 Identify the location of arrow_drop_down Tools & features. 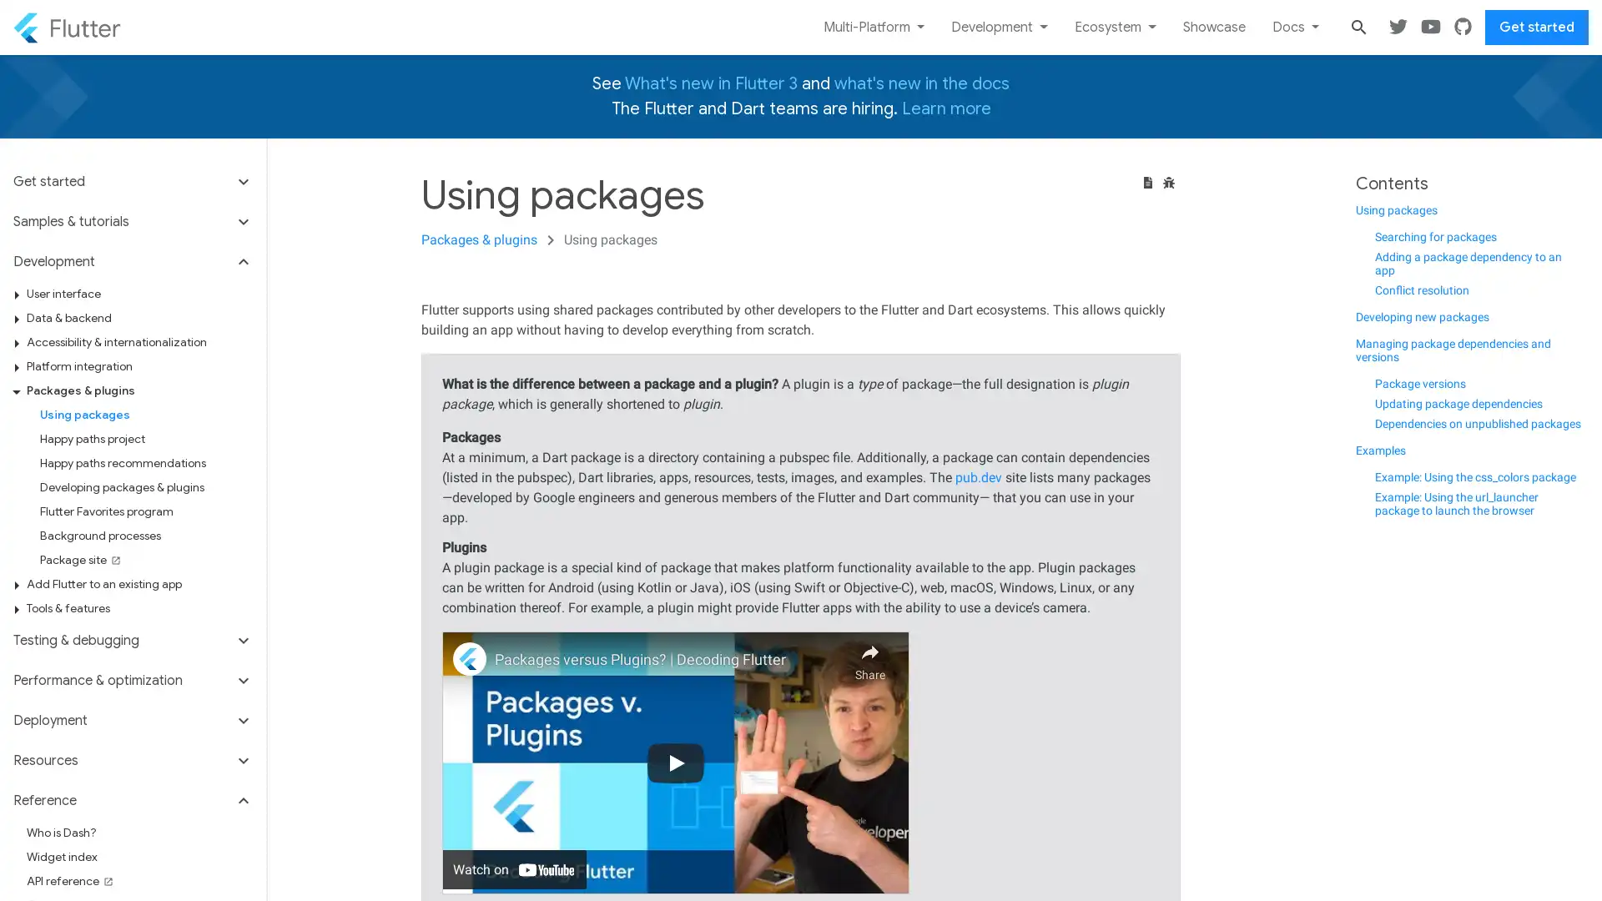
(139, 608).